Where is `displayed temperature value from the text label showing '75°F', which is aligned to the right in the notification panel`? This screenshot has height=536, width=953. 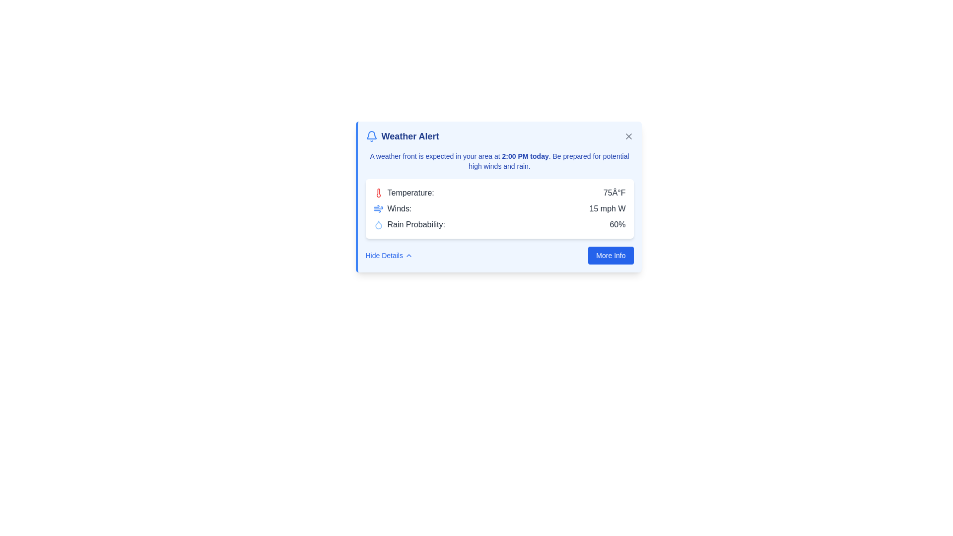 displayed temperature value from the text label showing '75°F', which is aligned to the right in the notification panel is located at coordinates (614, 193).